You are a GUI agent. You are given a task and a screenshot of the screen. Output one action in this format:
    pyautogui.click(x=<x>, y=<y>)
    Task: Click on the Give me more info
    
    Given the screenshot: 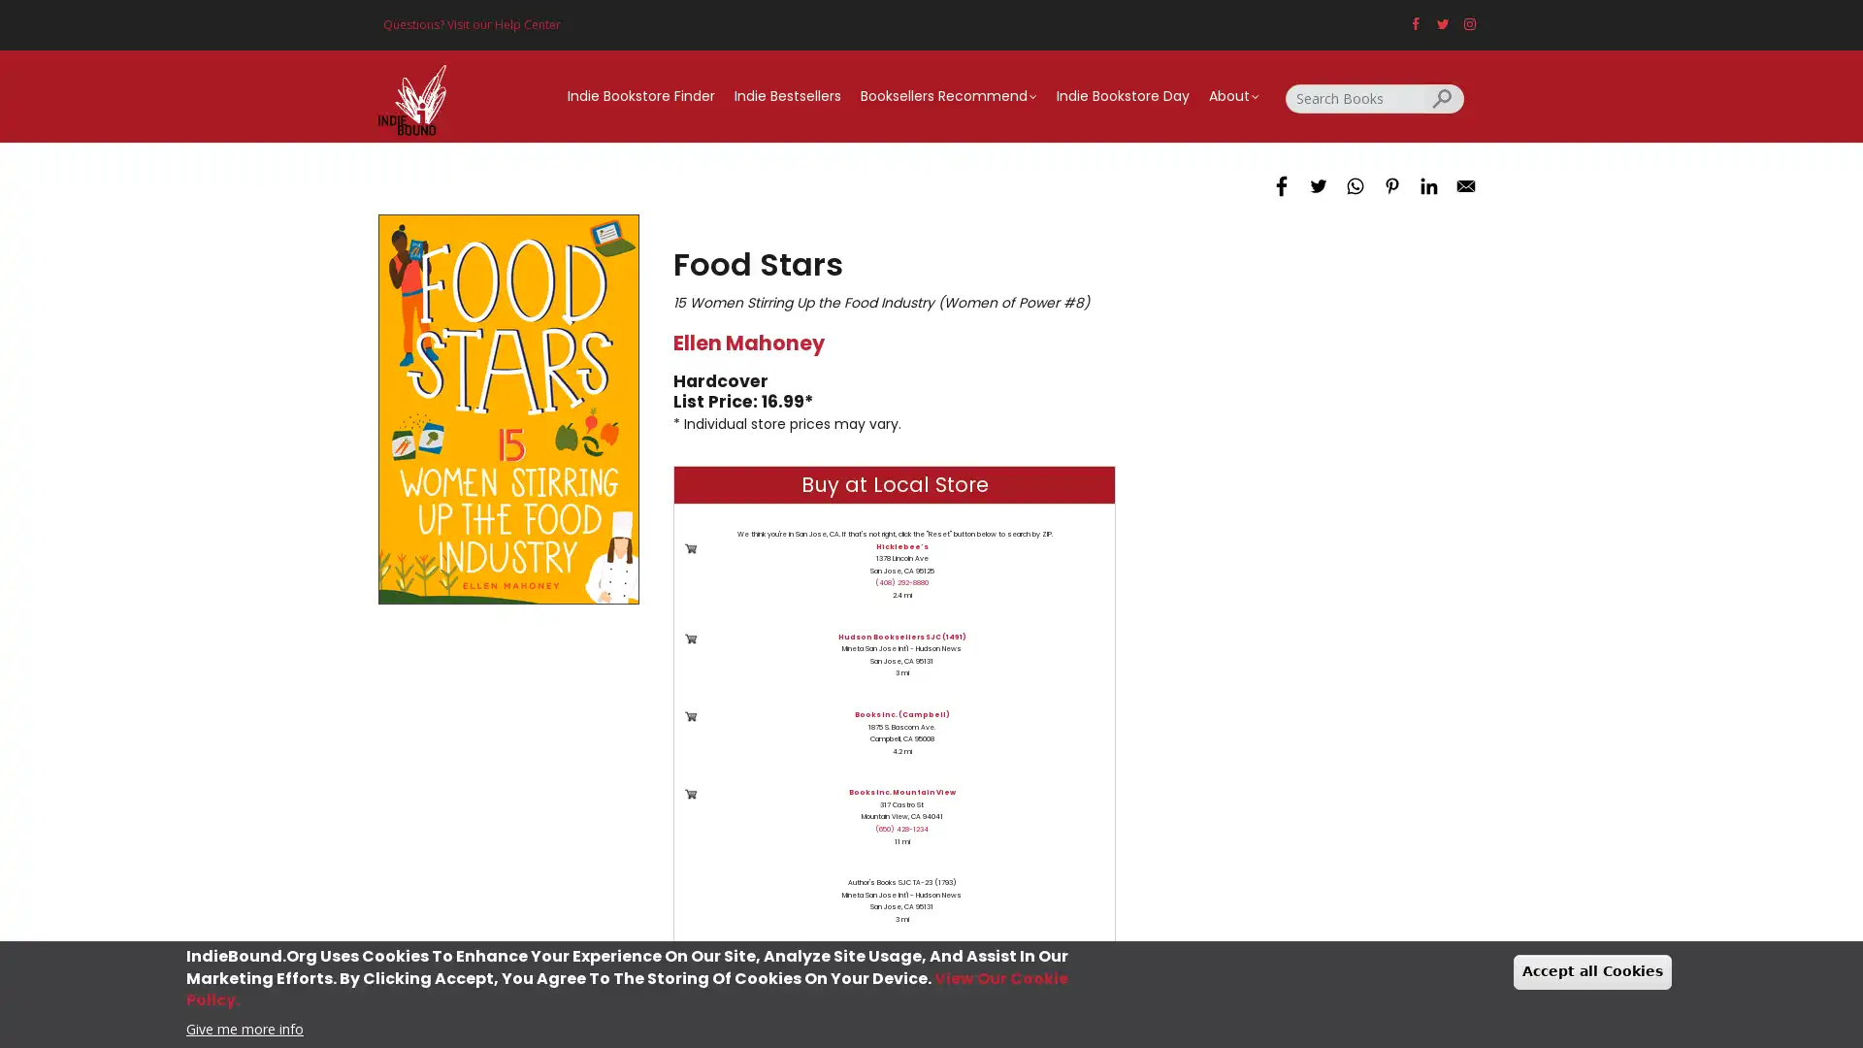 What is the action you would take?
    pyautogui.click(x=244, y=1027)
    